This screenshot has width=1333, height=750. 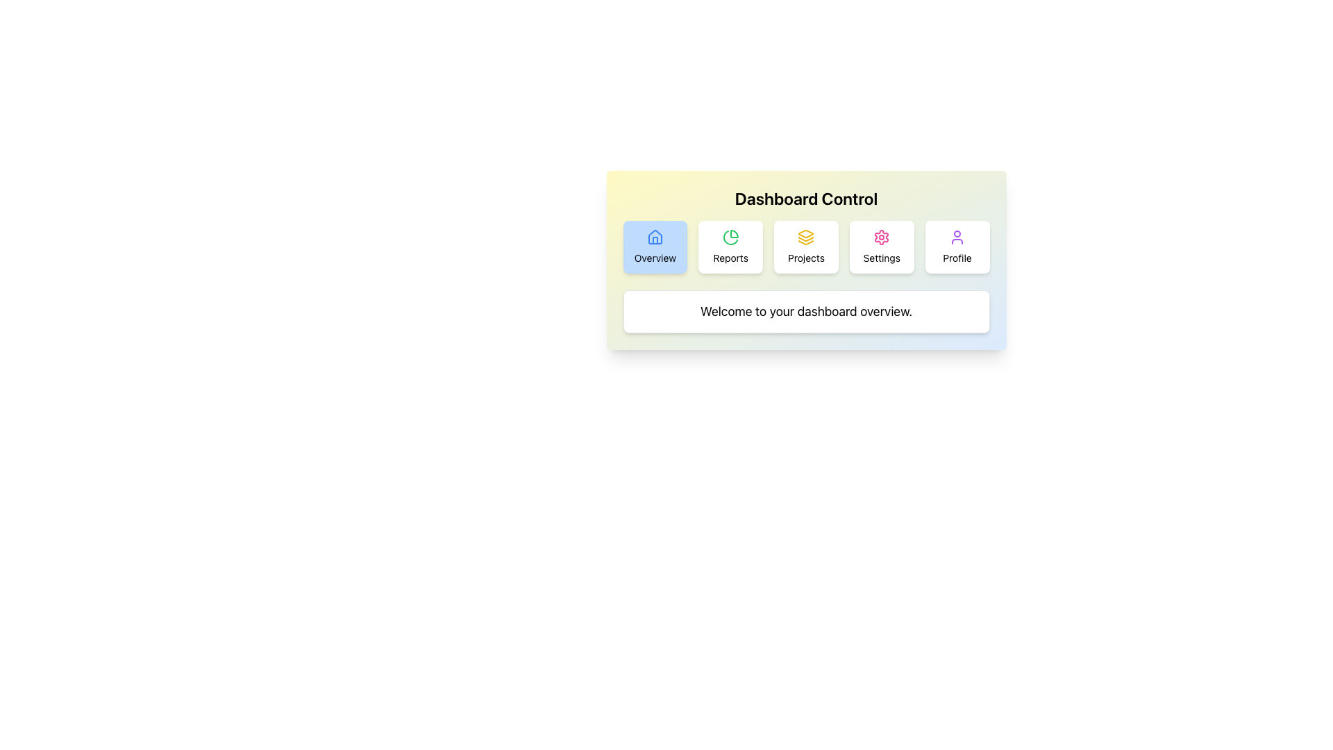 I want to click on the yellow icon in the top-right region of the visual dashboard control, so click(x=806, y=233).